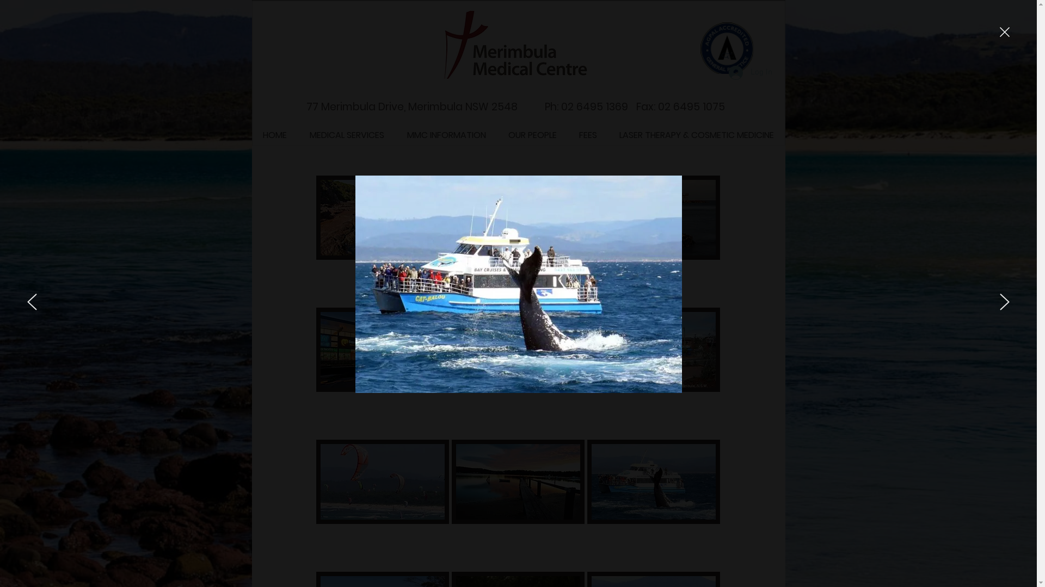 This screenshot has width=1045, height=587. Describe the element at coordinates (298, 135) in the screenshot. I see `'MEDICAL SERVICES'` at that location.